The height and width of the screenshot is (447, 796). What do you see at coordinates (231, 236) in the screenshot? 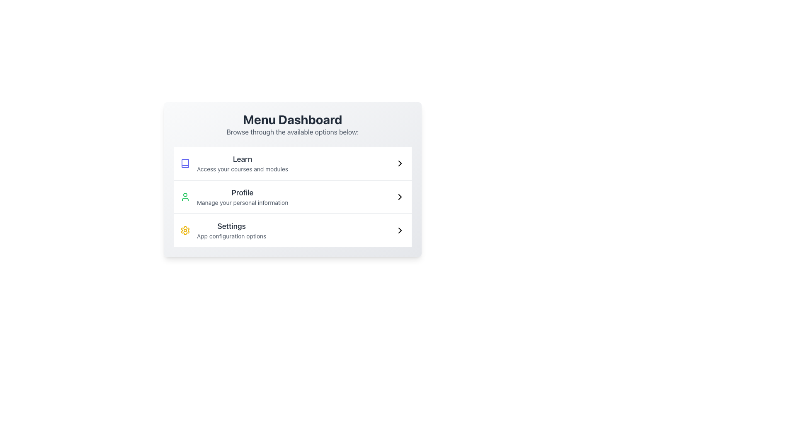
I see `the descriptive subtitle for the 'Settings' option, which is located directly beneath the 'Settings' text in the menu interface` at bounding box center [231, 236].